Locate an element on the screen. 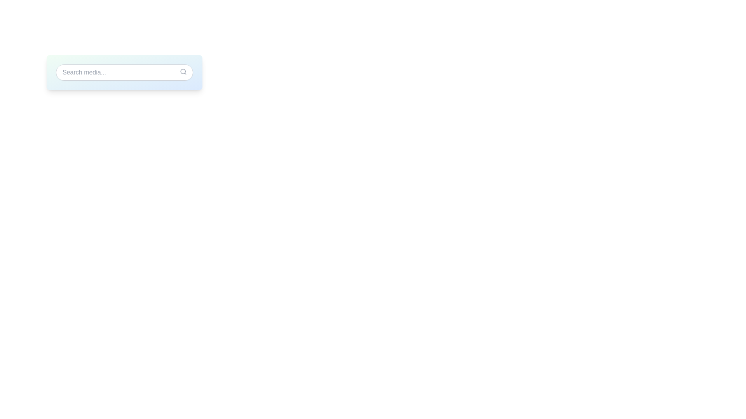  the smaller circle in the center of the magnifying glass icon, located to the far right of the text input field in the search bar is located at coordinates (183, 71).